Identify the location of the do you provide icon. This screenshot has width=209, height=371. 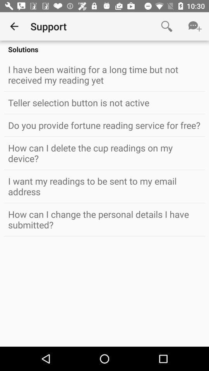
(104, 125).